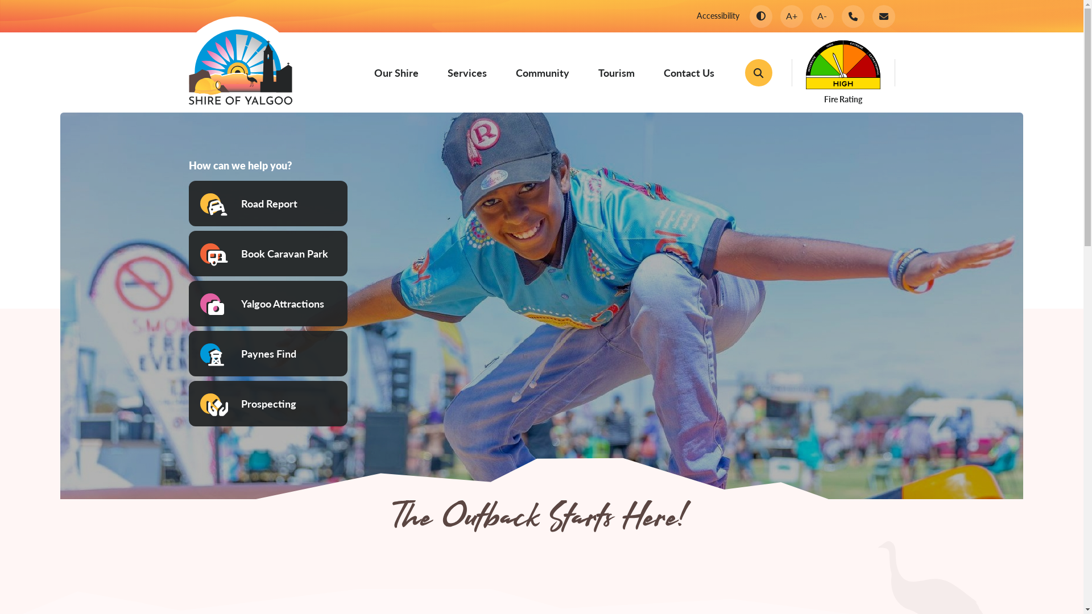  Describe the element at coordinates (853, 15) in the screenshot. I see `'Phone the Shire of Yalgoo'` at that location.